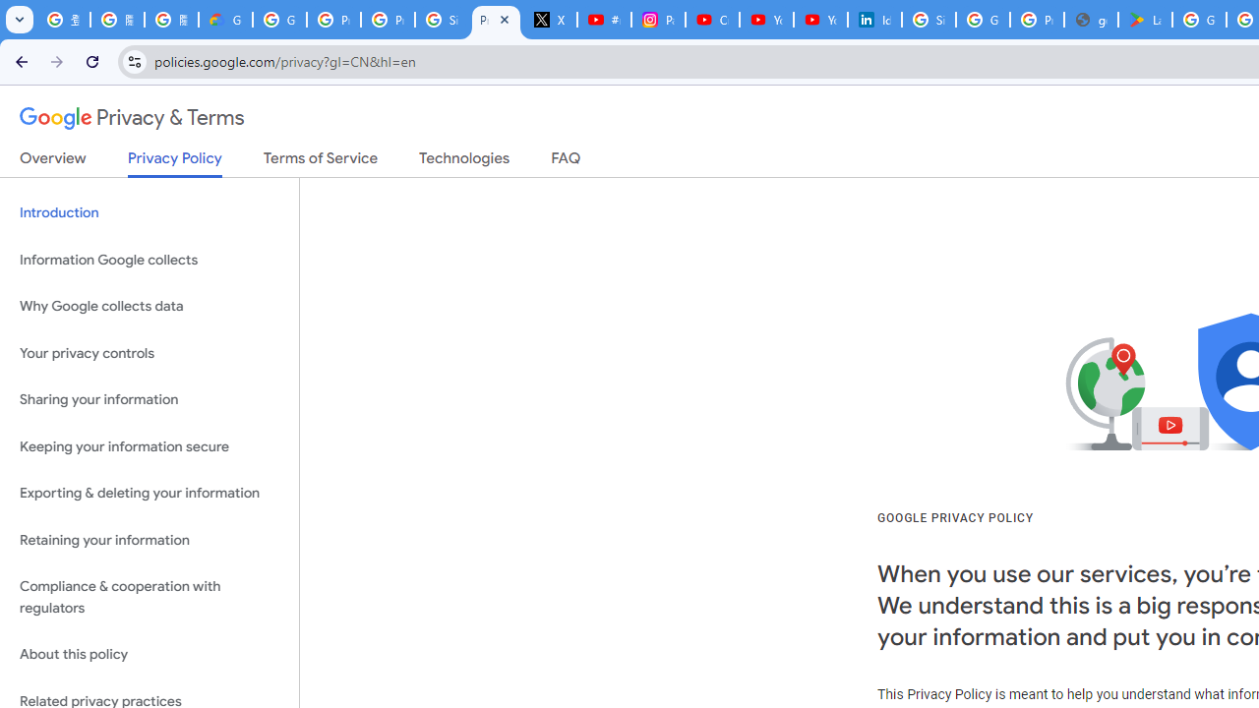 This screenshot has height=708, width=1259. What do you see at coordinates (149, 259) in the screenshot?
I see `'Information Google collects'` at bounding box center [149, 259].